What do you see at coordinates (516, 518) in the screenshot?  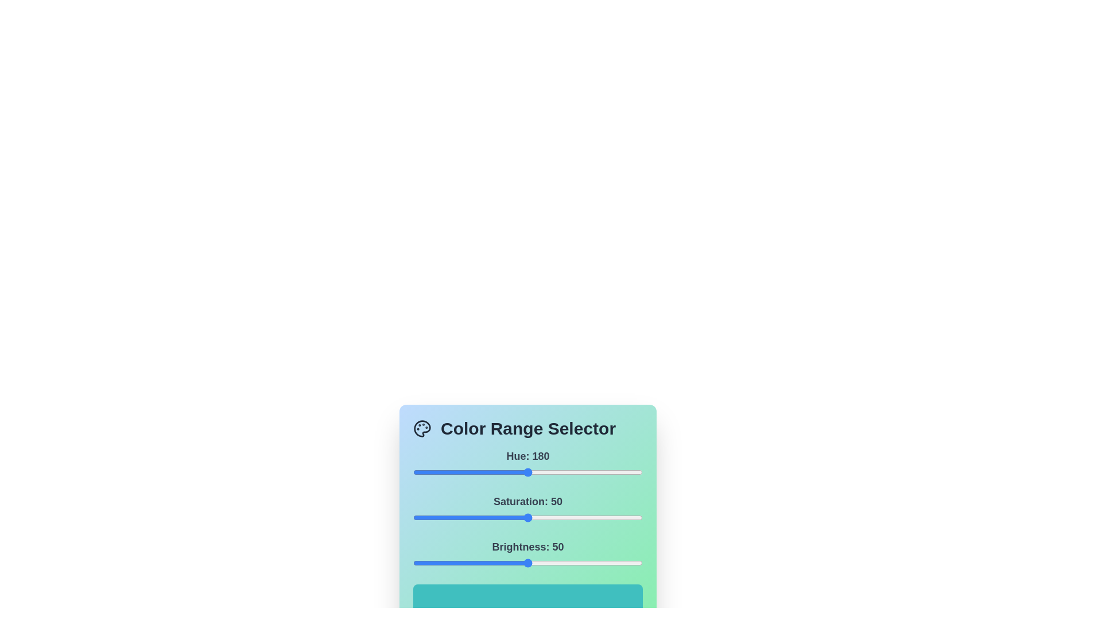 I see `the 1 slider to 45` at bounding box center [516, 518].